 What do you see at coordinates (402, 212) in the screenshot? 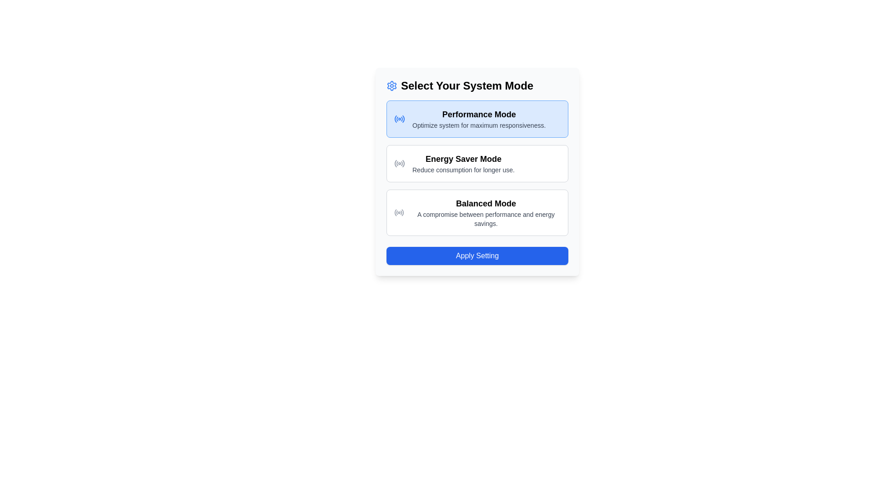
I see `the fifth segment of the circular radio wave symbol within the 'Balanced Mode' option's radio wave icon` at bounding box center [402, 212].